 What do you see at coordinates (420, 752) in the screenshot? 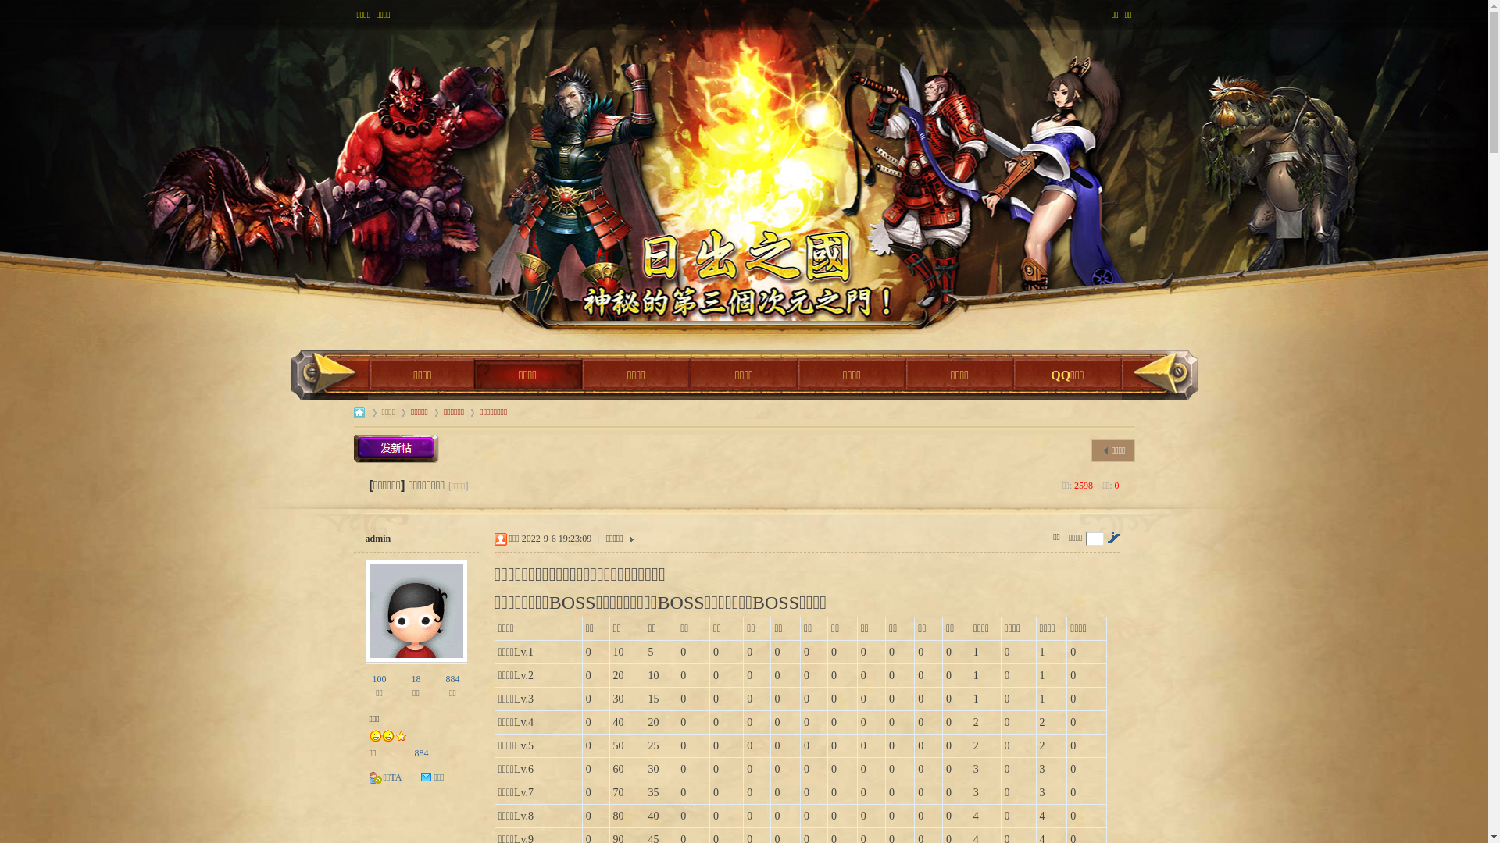
I see `'884'` at bounding box center [420, 752].